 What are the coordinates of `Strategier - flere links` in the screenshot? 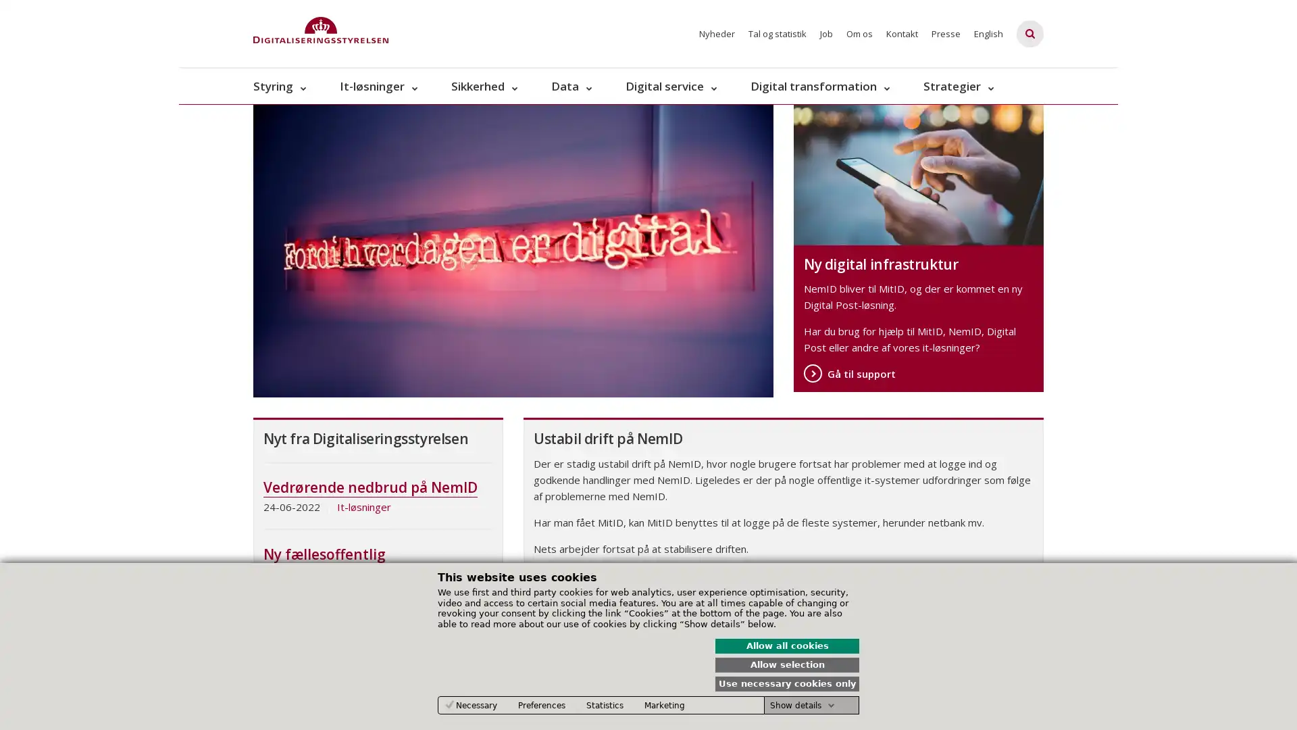 It's located at (990, 87).